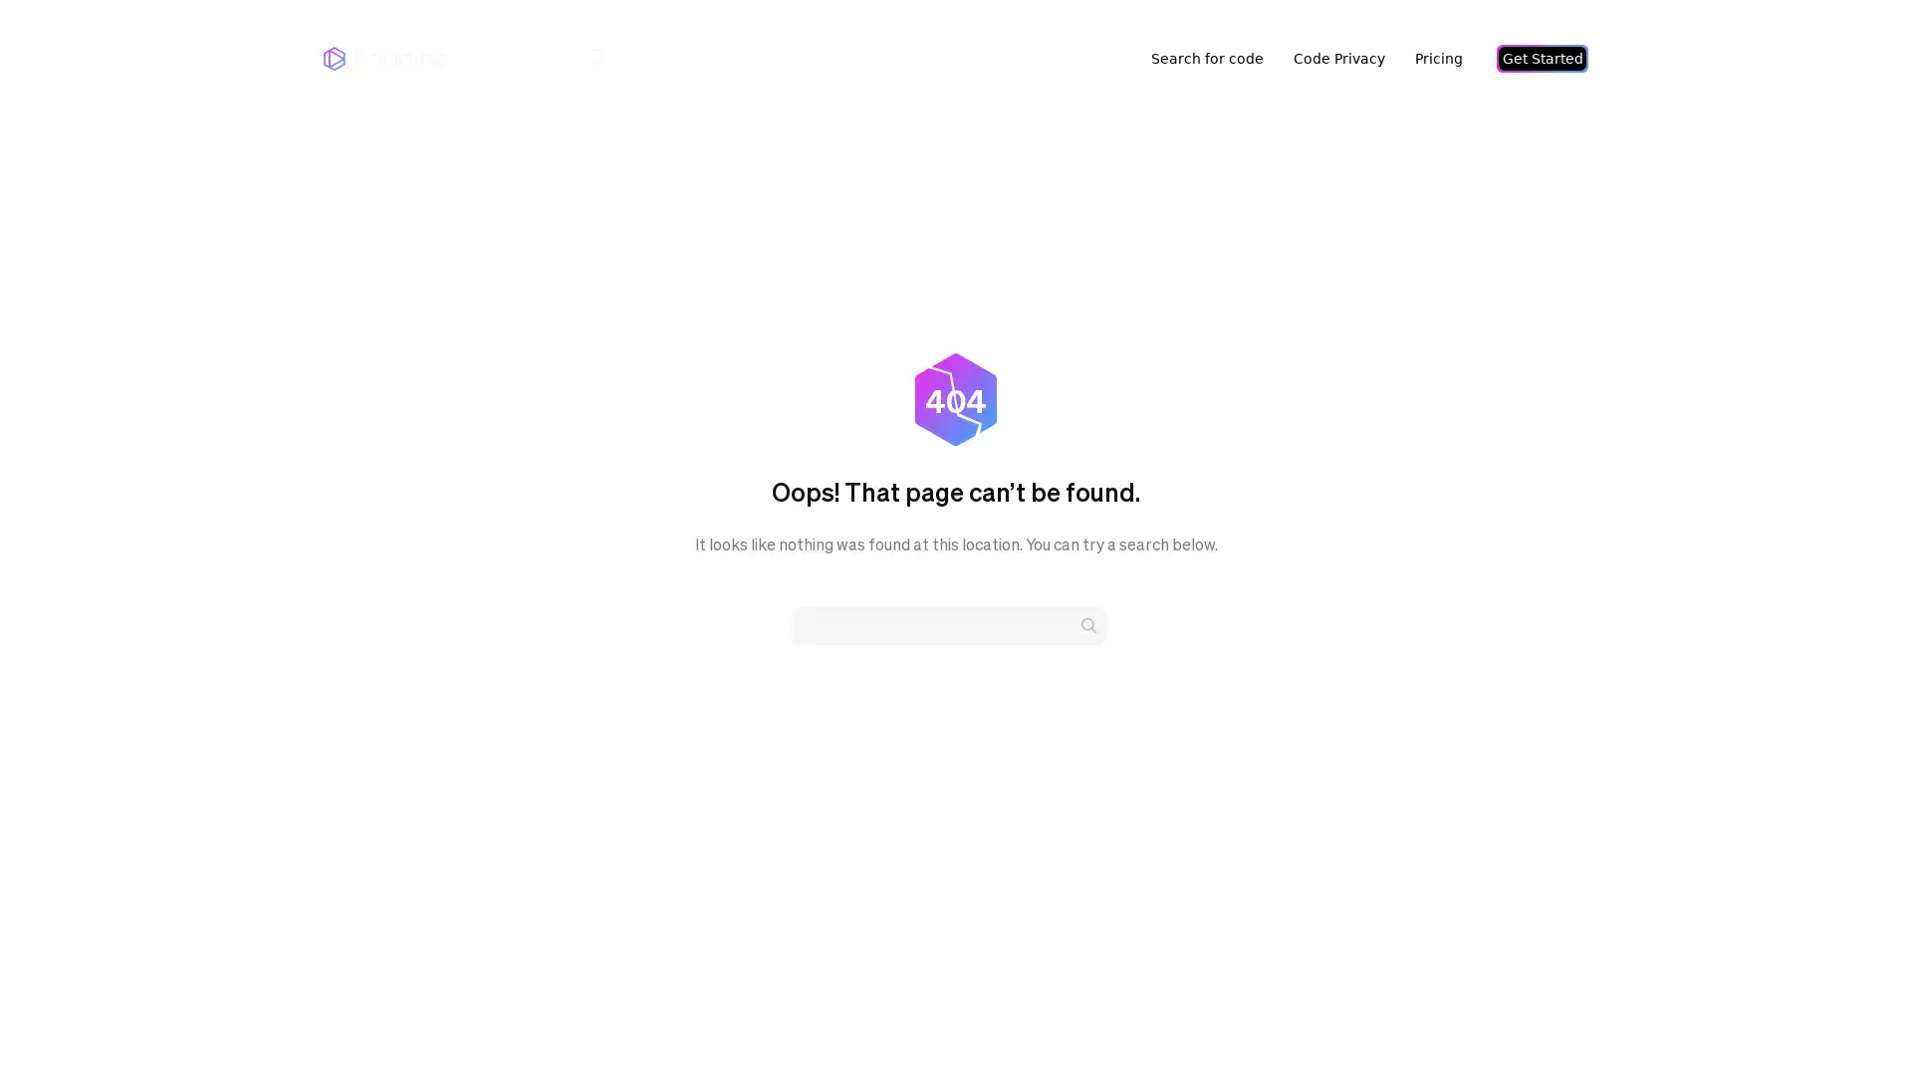 The image size is (1912, 1075). I want to click on Open, so click(1852, 1021).